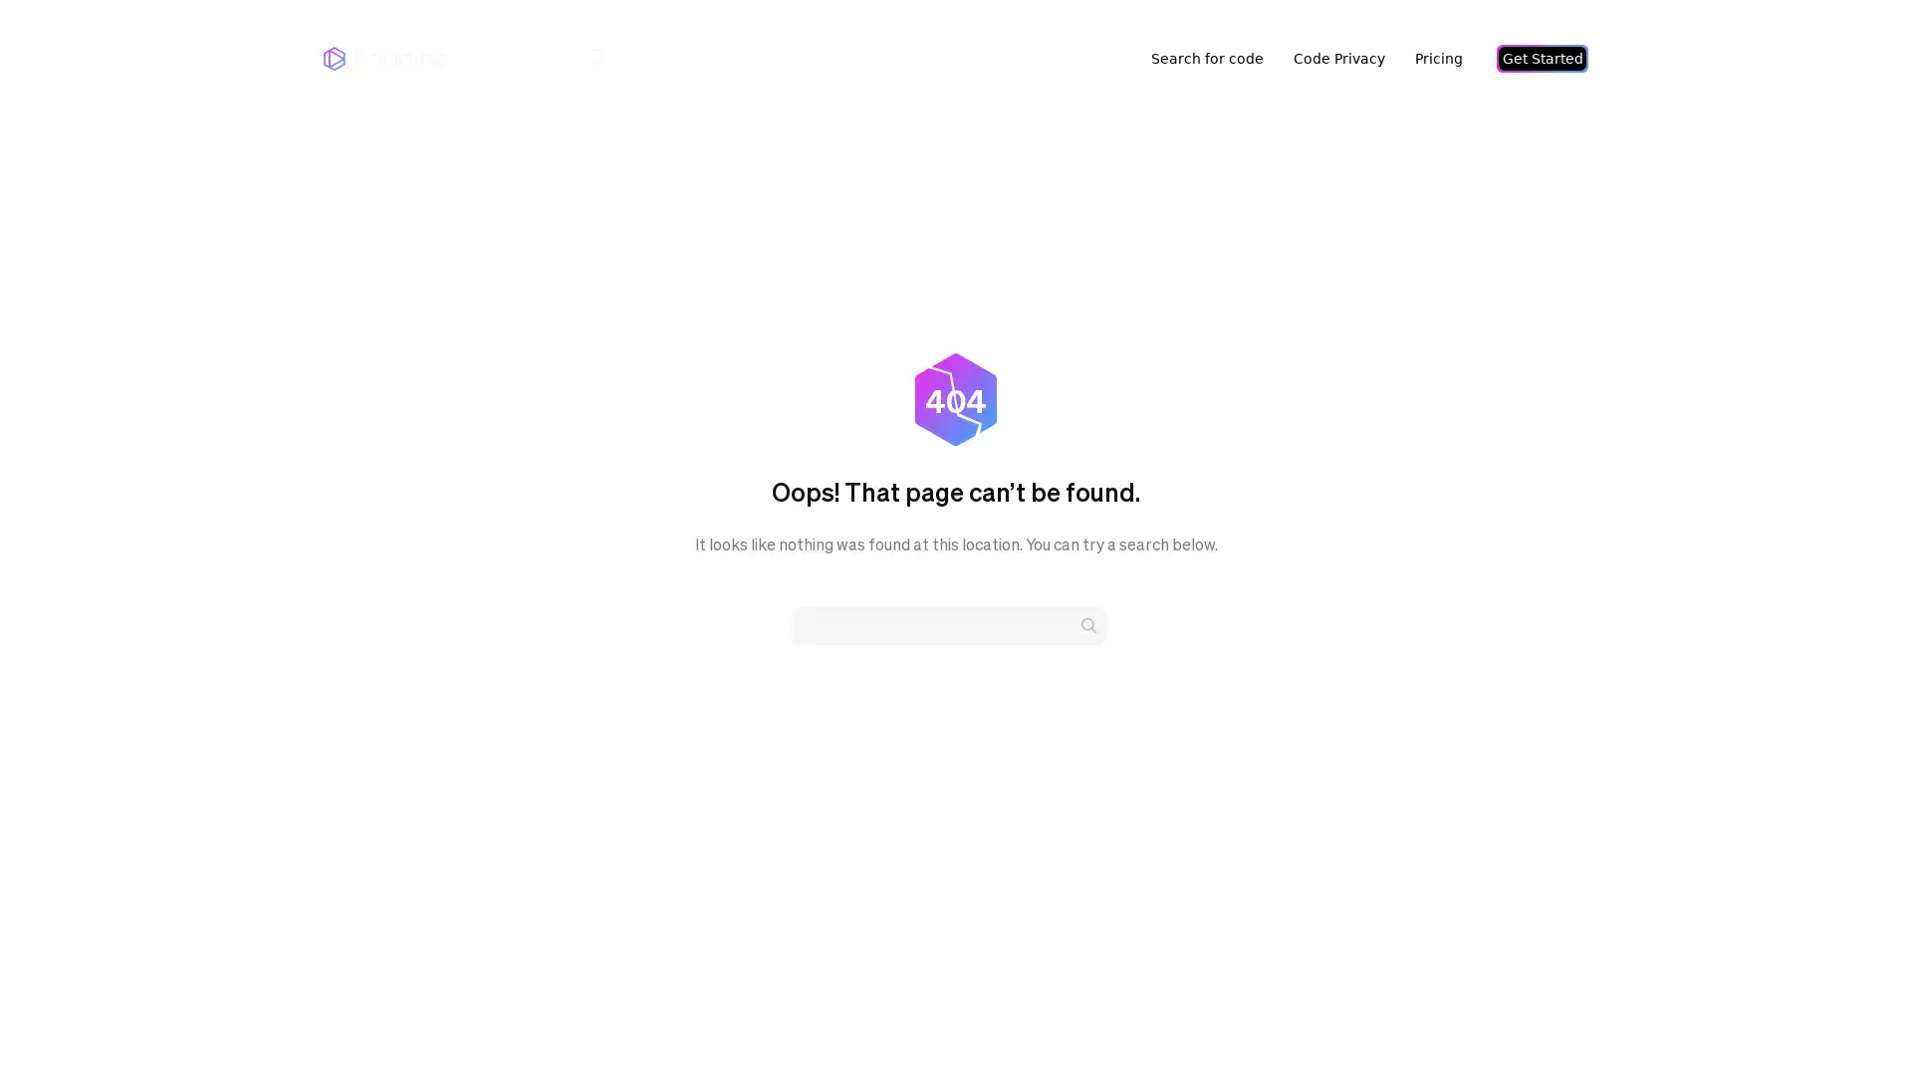 The image size is (1912, 1075). I want to click on Open, so click(1852, 1021).